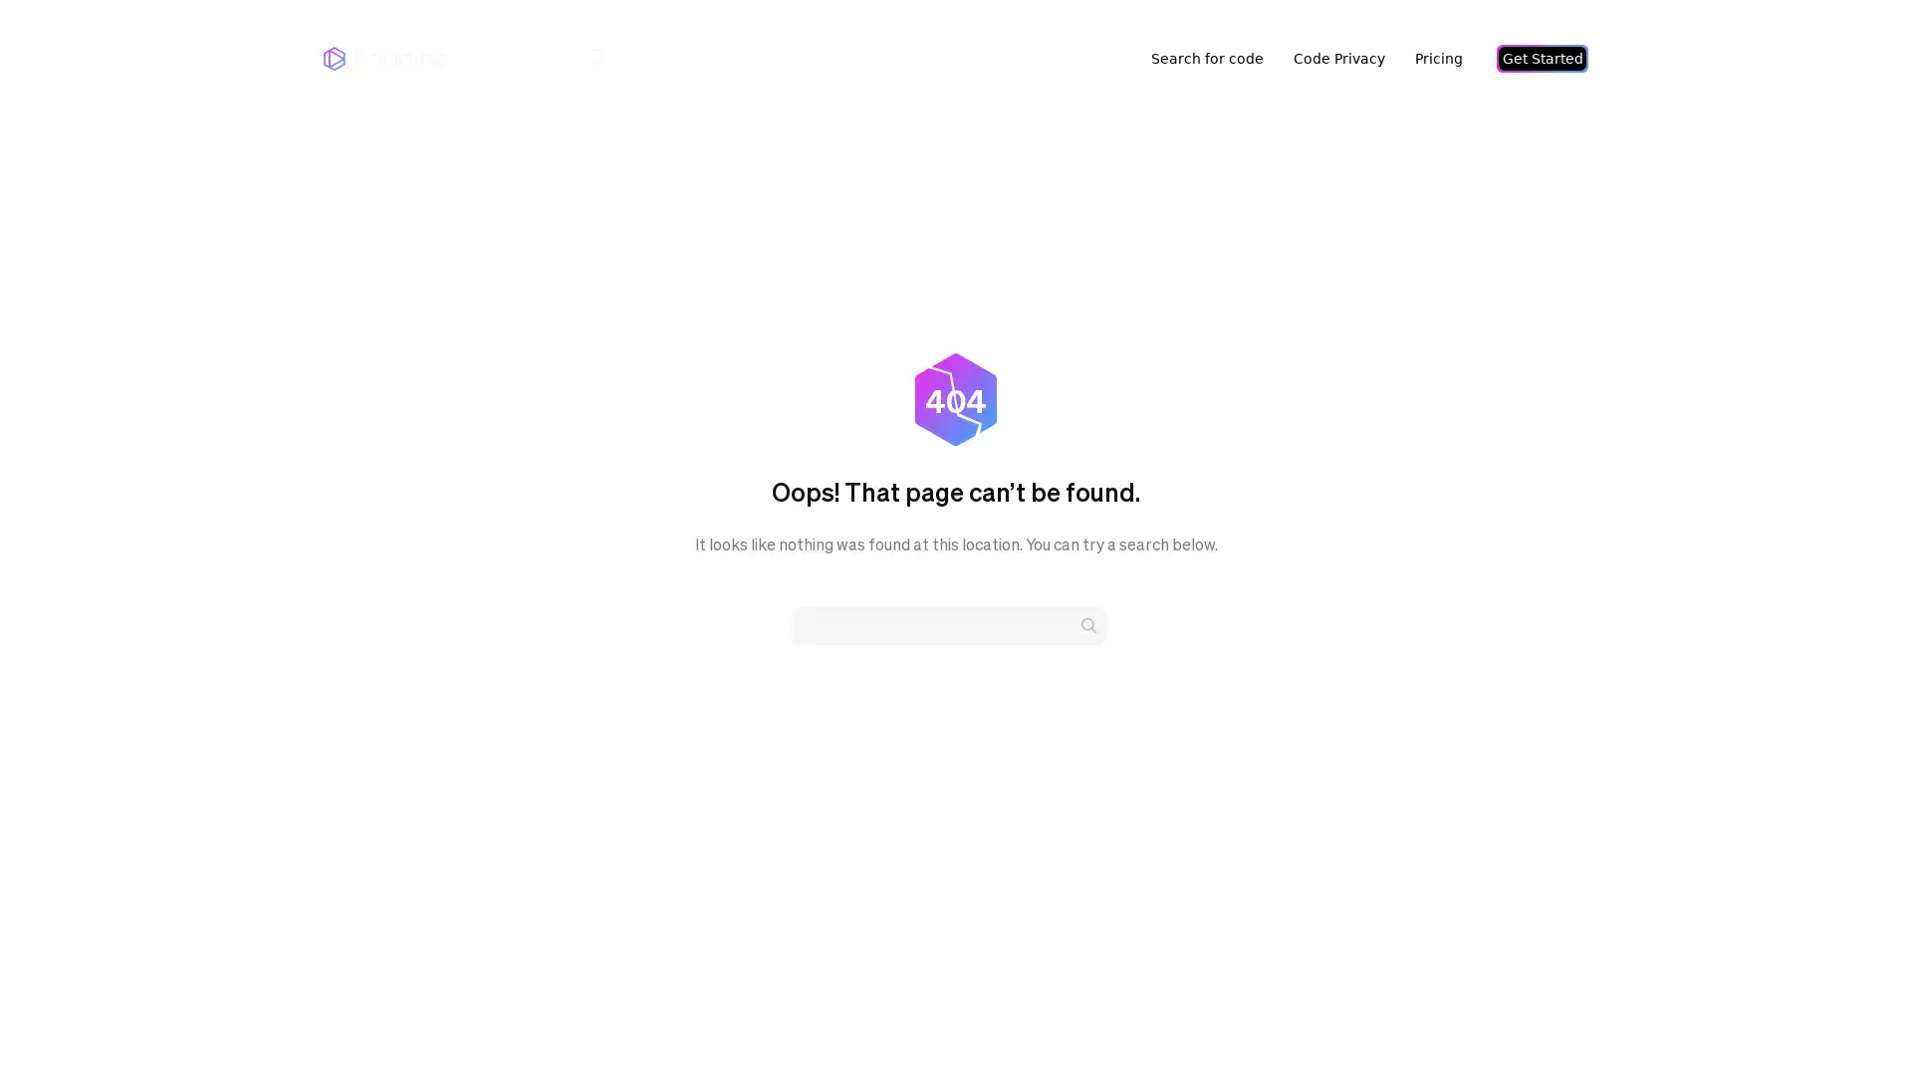 The image size is (1912, 1075). I want to click on Open, so click(1852, 1021).